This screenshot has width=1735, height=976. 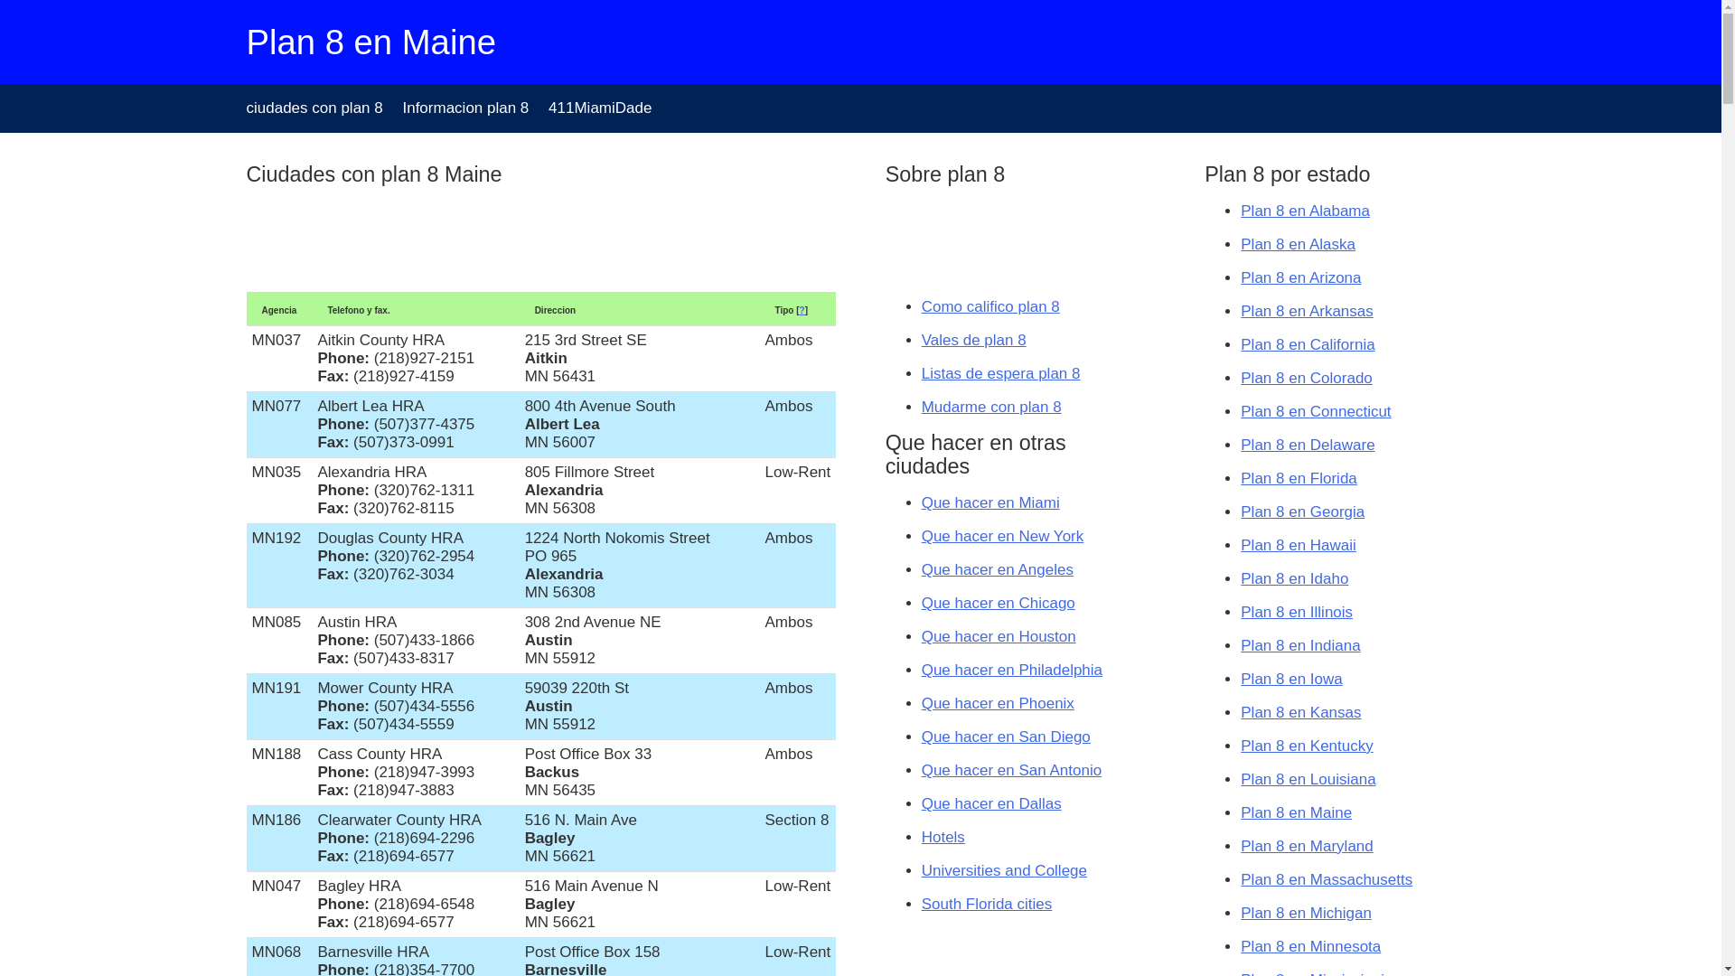 I want to click on 'Plan 8 en Idaho', so click(x=1293, y=578).